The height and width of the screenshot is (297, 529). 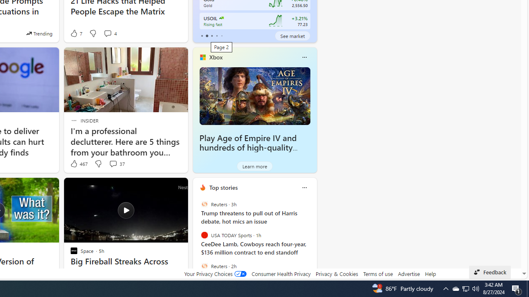 I want to click on '467 Like', so click(x=79, y=164).